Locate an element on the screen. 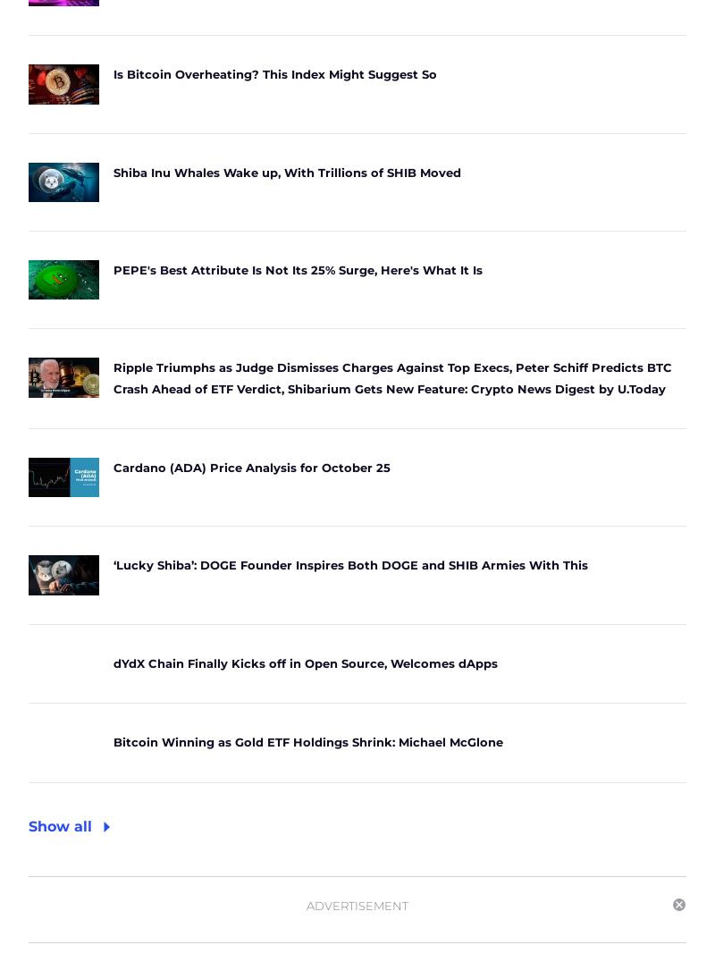 Image resolution: width=715 pixels, height=962 pixels. 'Shiba Inu Whales Wake up, With Trillions of SHIB Moved' is located at coordinates (286, 170).